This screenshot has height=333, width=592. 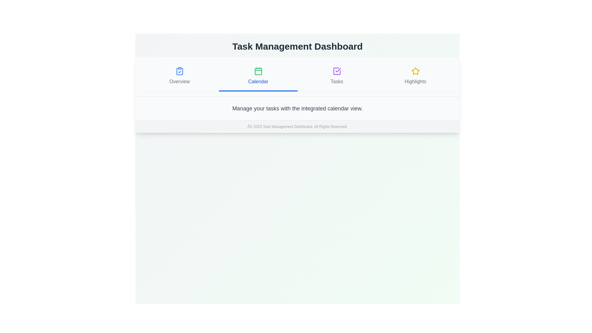 What do you see at coordinates (336, 76) in the screenshot?
I see `the third tab button in the navigation menu` at bounding box center [336, 76].